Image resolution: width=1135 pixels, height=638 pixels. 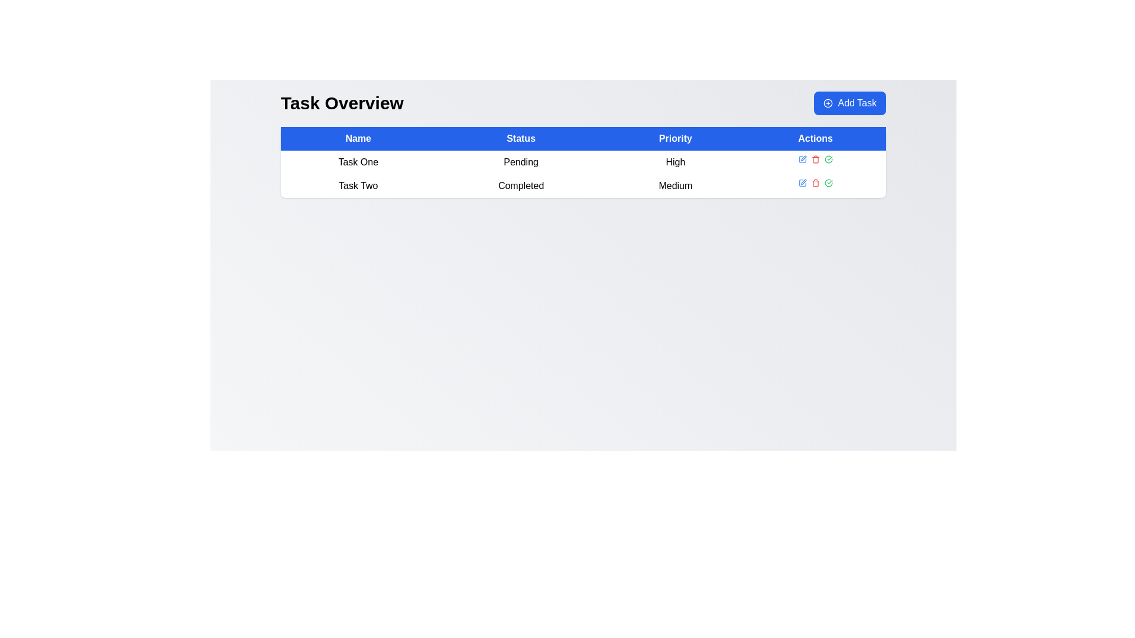 I want to click on the static text label in the second row of the table under the 'Name' column, which serves to provide the name of the task, so click(x=358, y=186).